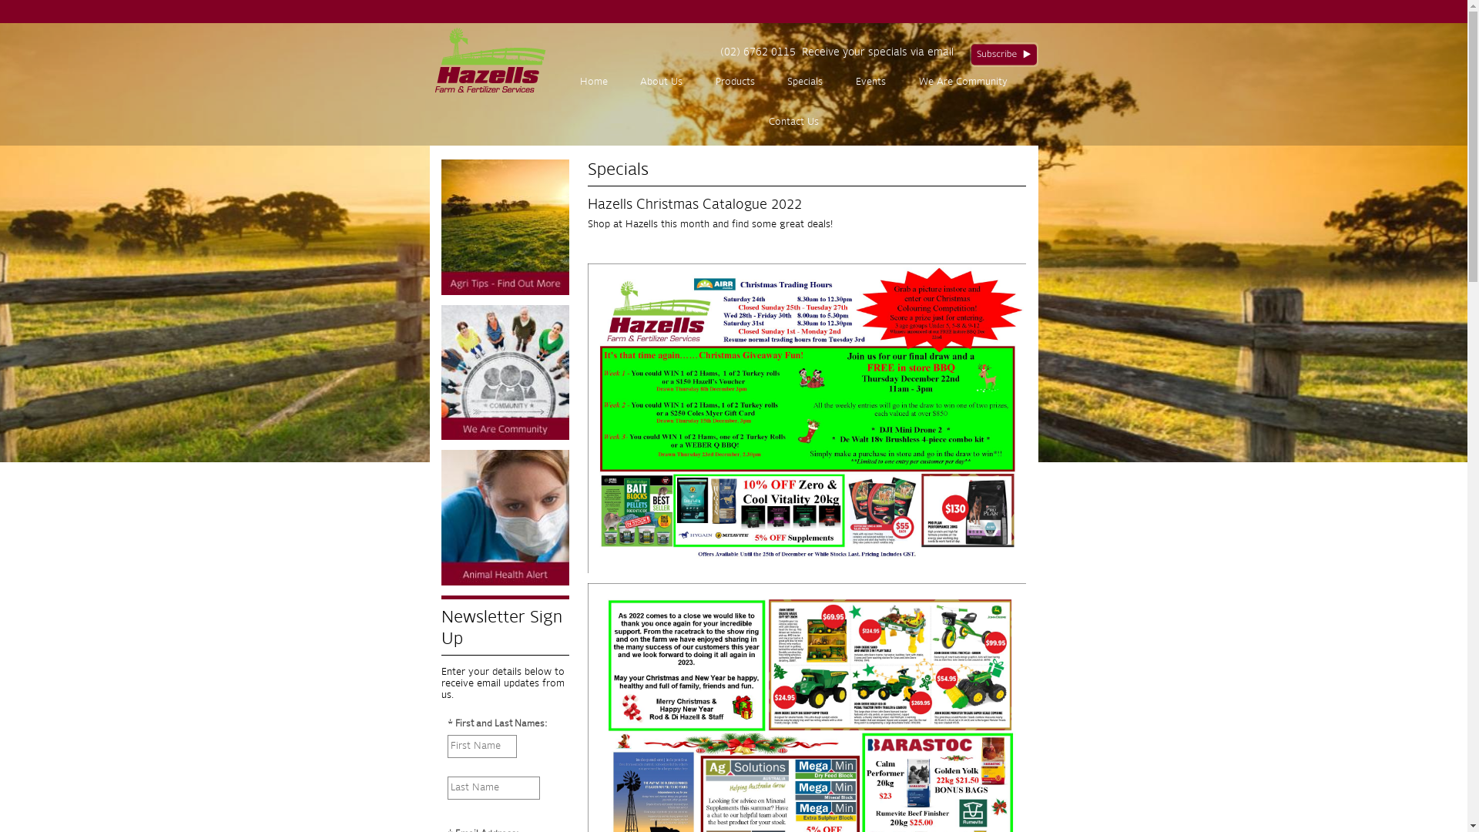  Describe the element at coordinates (961, 82) in the screenshot. I see `'We Are Community'` at that location.